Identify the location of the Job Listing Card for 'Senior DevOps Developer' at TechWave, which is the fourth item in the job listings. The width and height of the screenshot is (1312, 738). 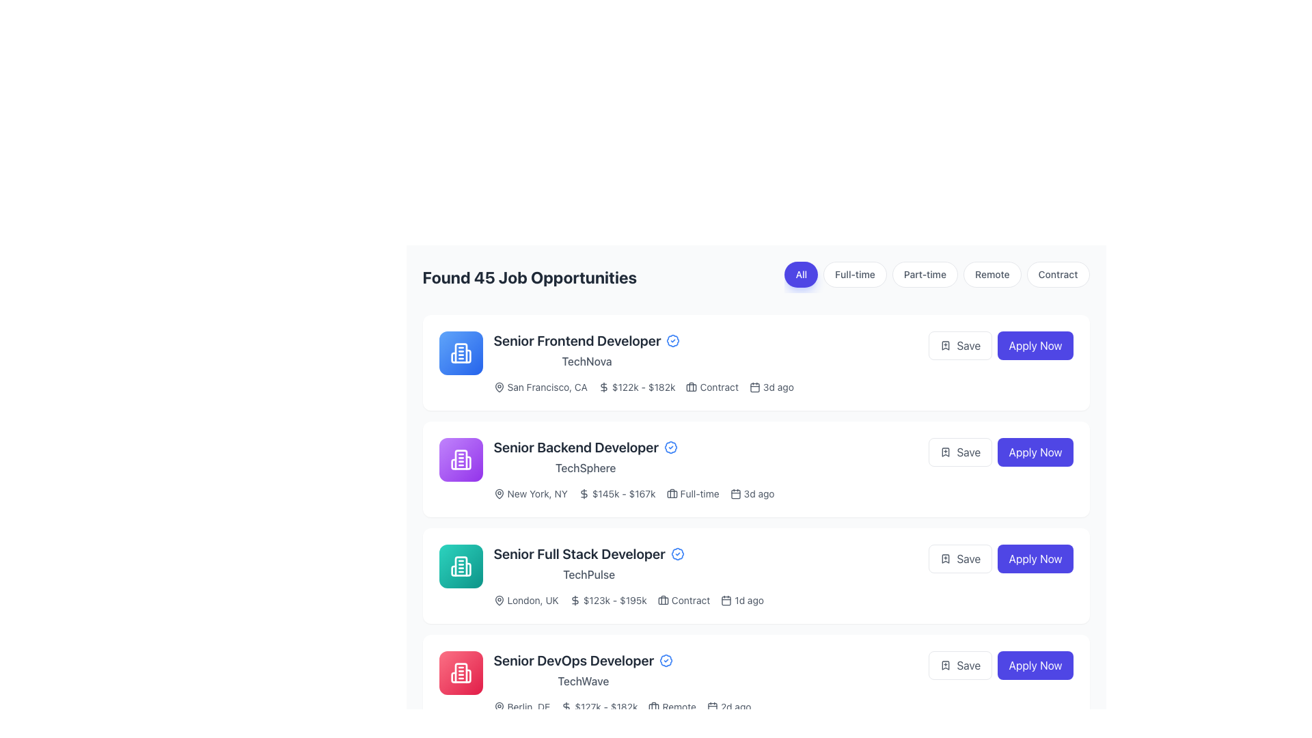
(755, 683).